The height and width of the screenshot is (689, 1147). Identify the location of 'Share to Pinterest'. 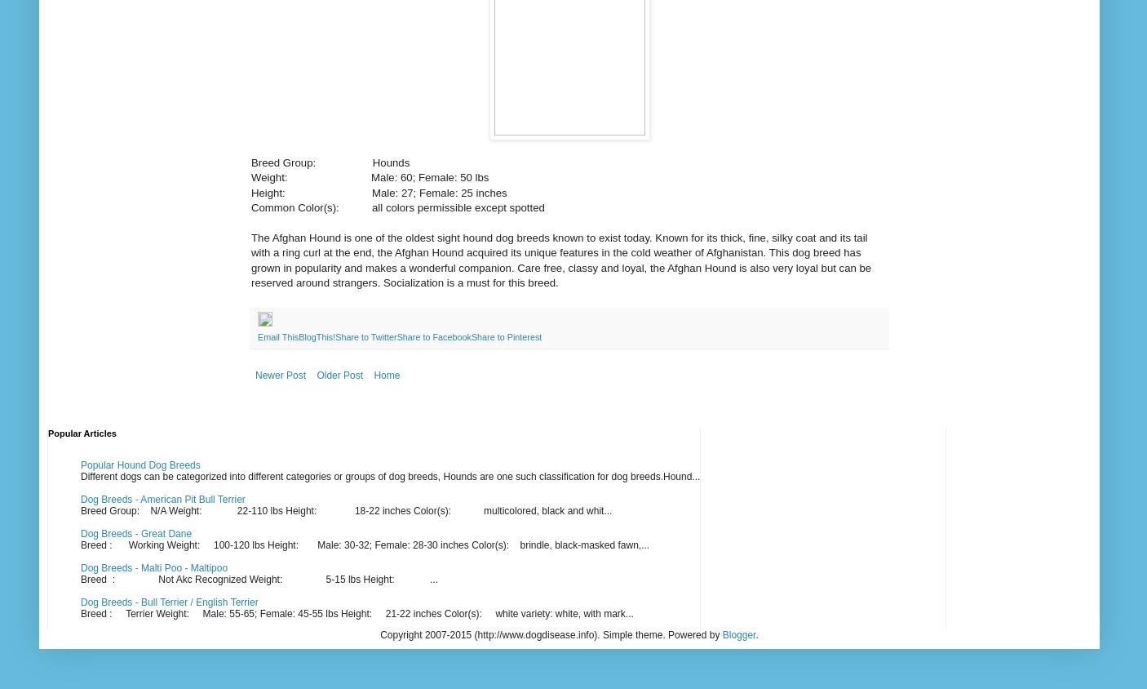
(506, 336).